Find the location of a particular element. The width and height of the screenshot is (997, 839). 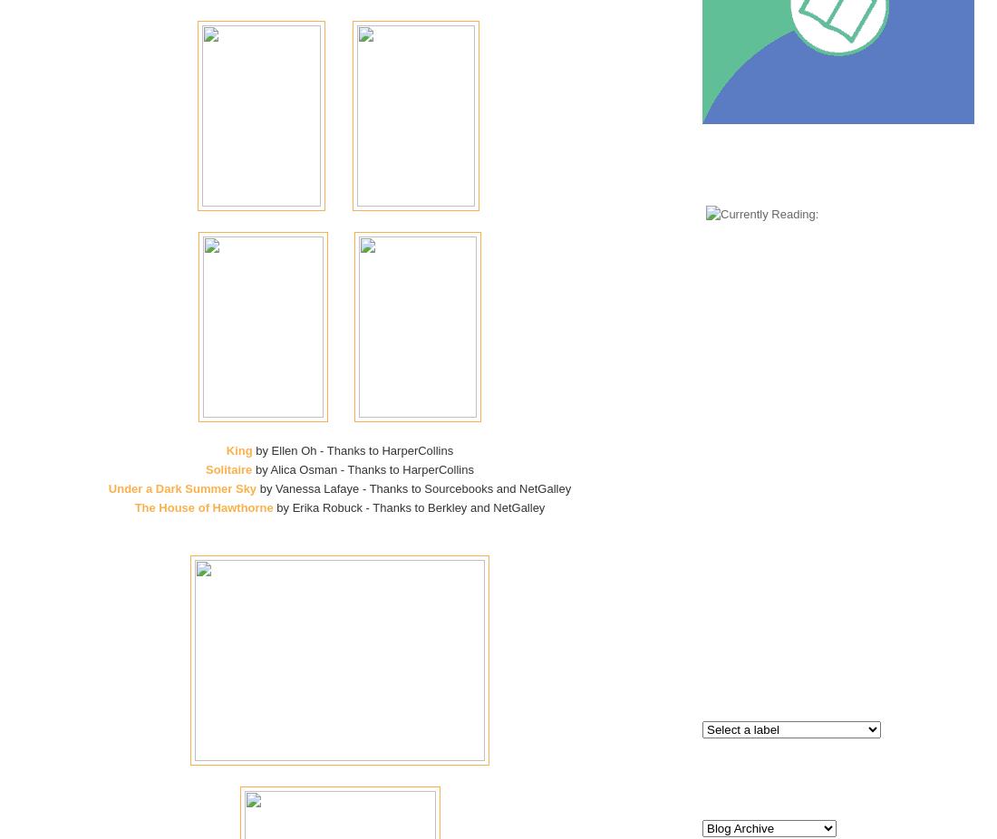

'by Vanessa Lafaye - Thanks to Sourcebooks and NetGalley' is located at coordinates (412, 487).